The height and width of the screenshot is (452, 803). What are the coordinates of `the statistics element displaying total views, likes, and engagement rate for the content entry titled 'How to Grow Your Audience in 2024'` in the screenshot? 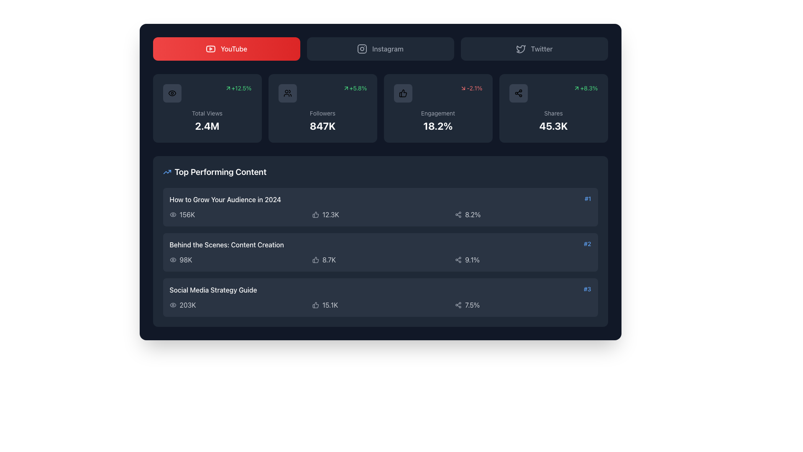 It's located at (380, 214).